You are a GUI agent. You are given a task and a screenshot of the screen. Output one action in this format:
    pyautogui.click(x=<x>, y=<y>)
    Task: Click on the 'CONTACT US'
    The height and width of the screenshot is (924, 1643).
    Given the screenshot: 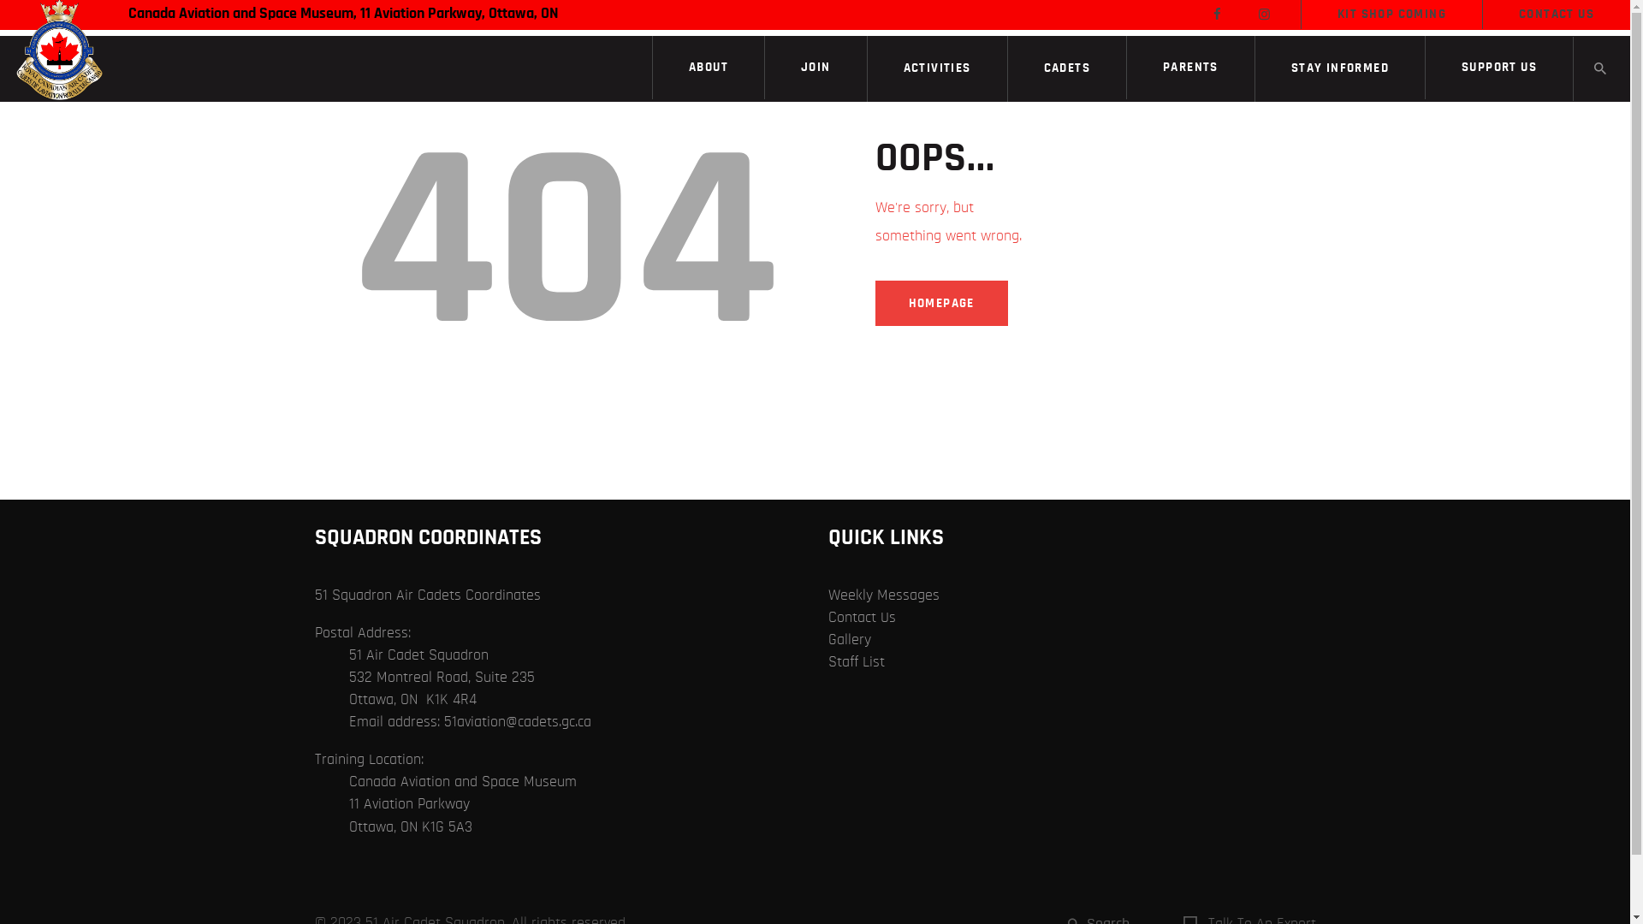 What is the action you would take?
    pyautogui.click(x=1557, y=14)
    